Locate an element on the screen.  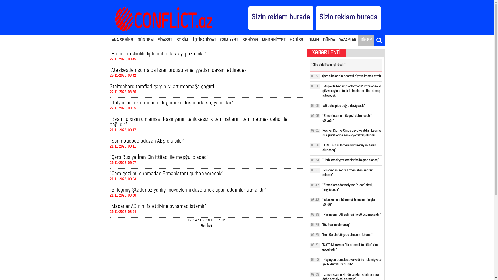
'Geri' is located at coordinates (203, 225).